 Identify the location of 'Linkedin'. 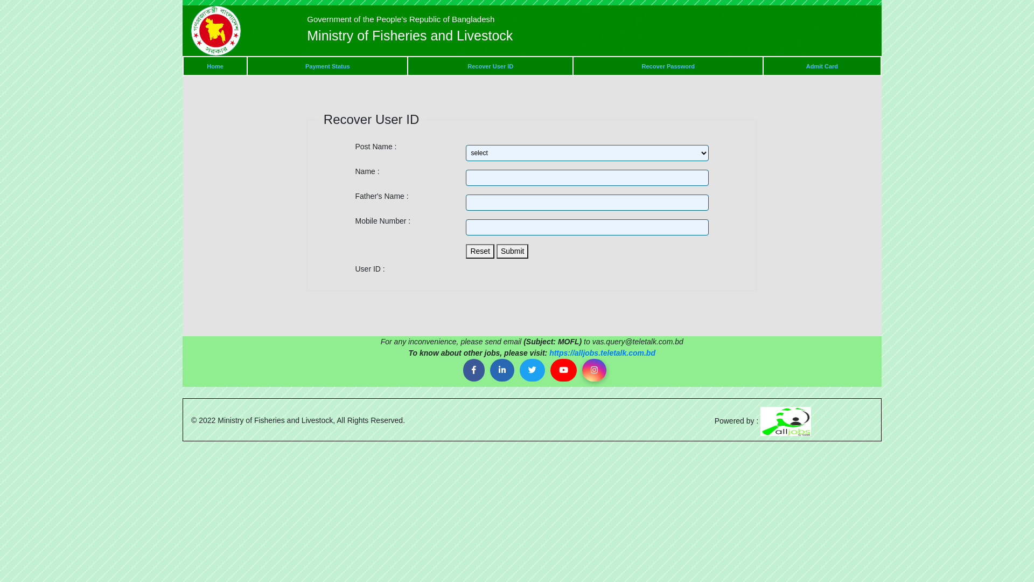
(501, 370).